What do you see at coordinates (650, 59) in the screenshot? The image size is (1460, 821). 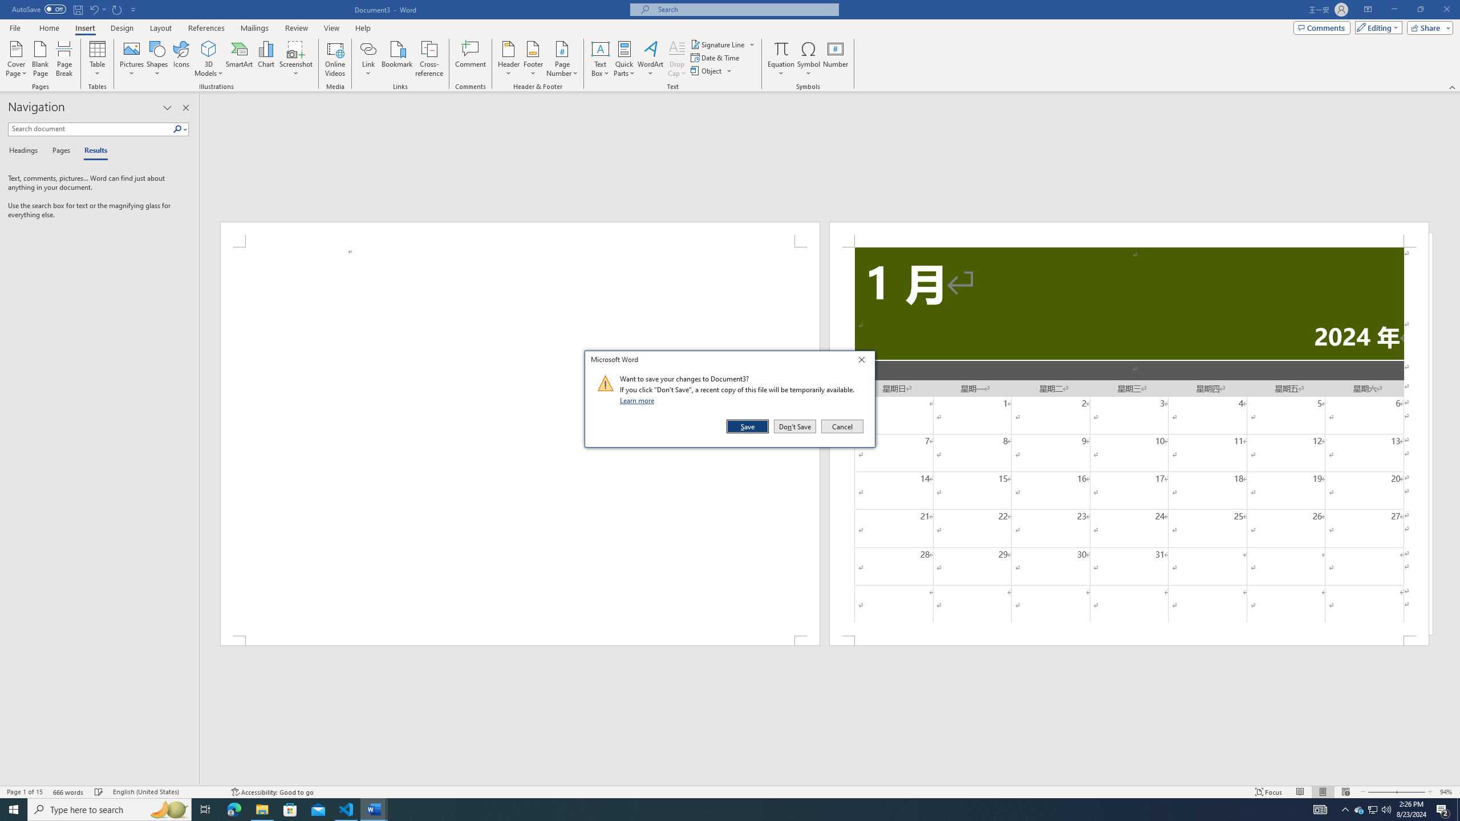 I see `'WordArt'` at bounding box center [650, 59].